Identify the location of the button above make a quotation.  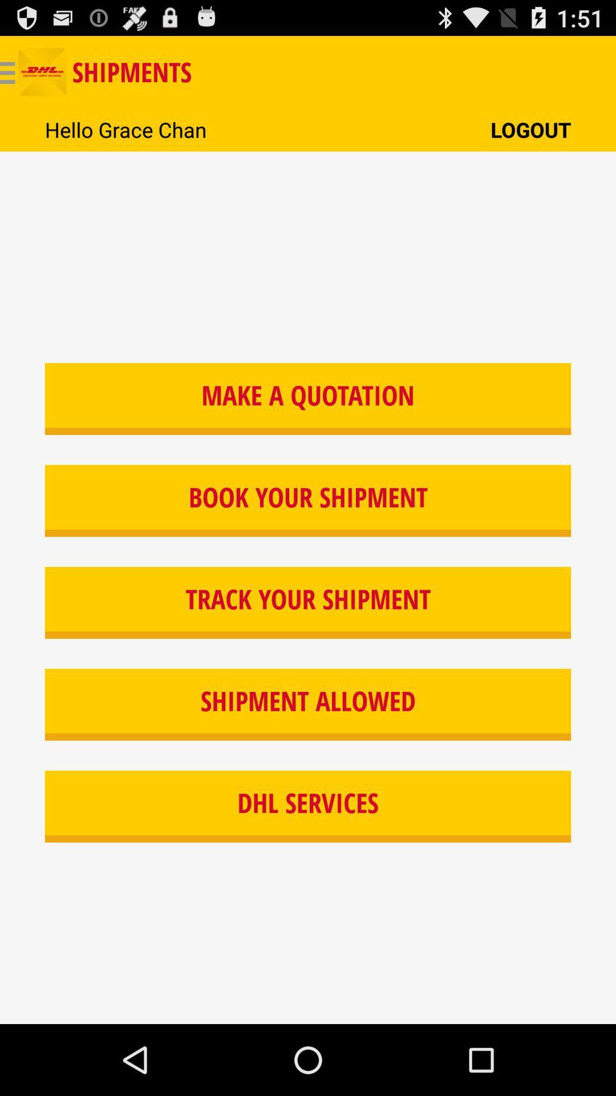
(530, 130).